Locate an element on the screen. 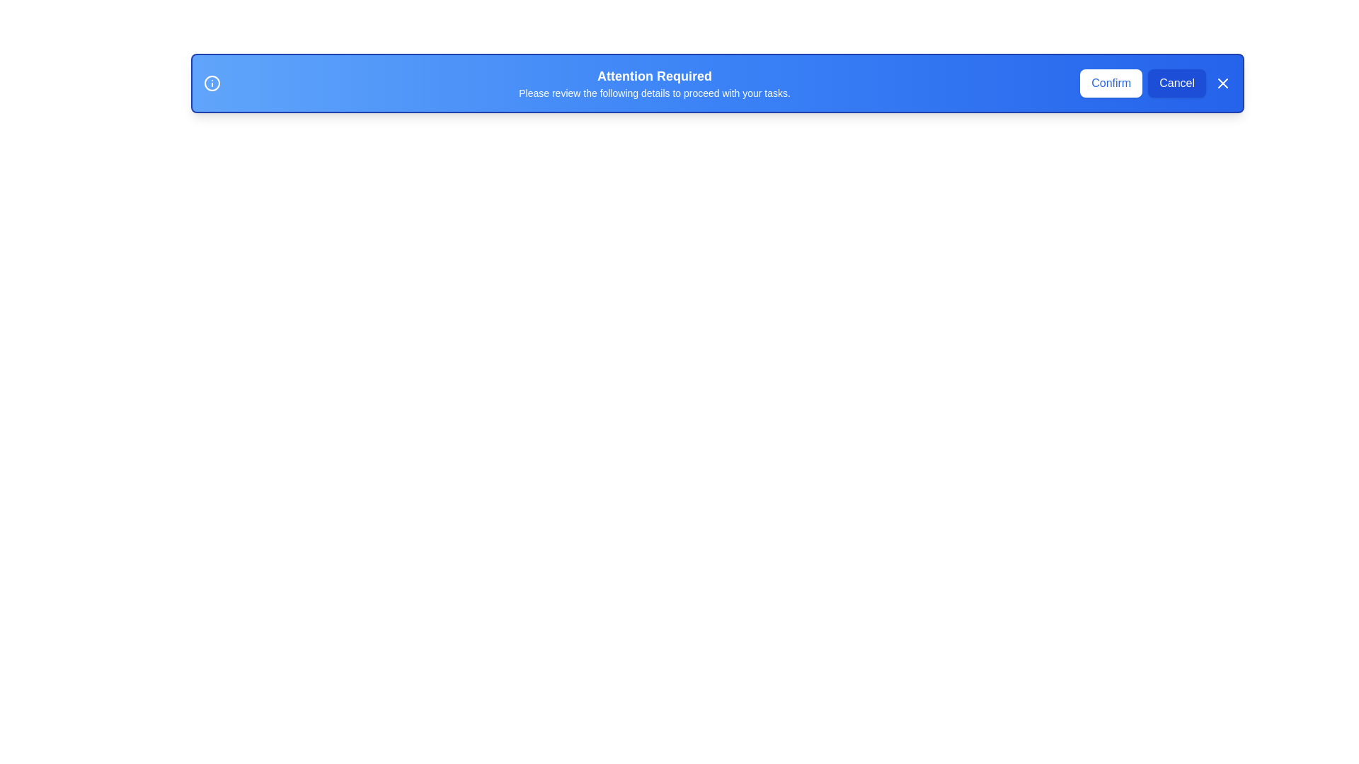 Image resolution: width=1359 pixels, height=764 pixels. the cancel button to cancel the current operation is located at coordinates (1176, 83).